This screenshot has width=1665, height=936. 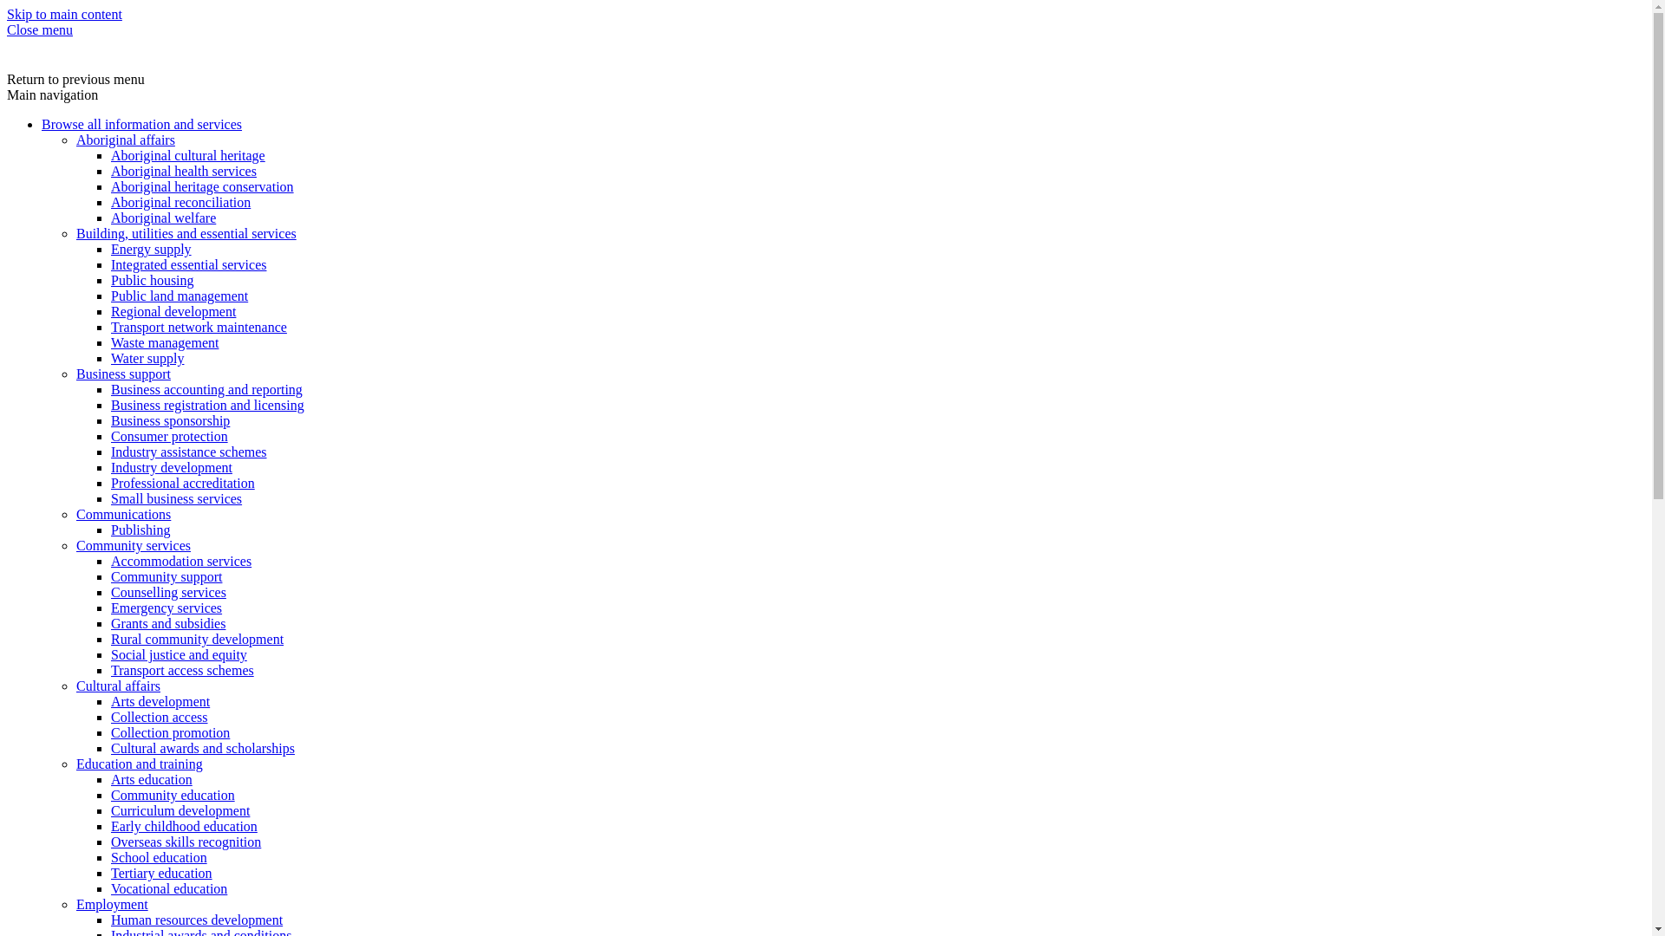 What do you see at coordinates (165, 342) in the screenshot?
I see `'Waste management'` at bounding box center [165, 342].